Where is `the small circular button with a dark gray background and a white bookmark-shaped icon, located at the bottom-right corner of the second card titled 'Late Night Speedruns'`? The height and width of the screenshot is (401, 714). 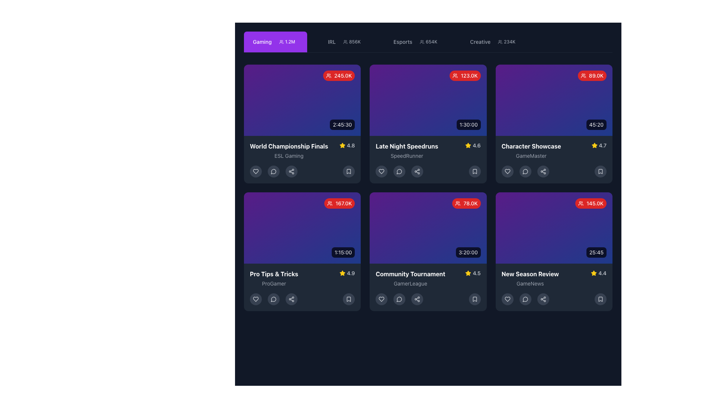
the small circular button with a dark gray background and a white bookmark-shaped icon, located at the bottom-right corner of the second card titled 'Late Night Speedruns' is located at coordinates (474, 172).